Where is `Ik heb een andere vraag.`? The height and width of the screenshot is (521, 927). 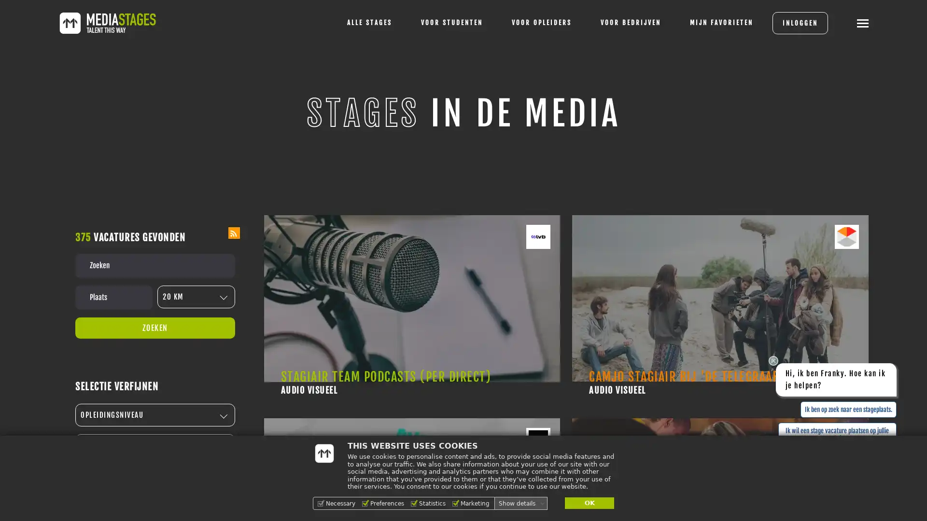
Ik heb een andere vraag. is located at coordinates (861, 459).